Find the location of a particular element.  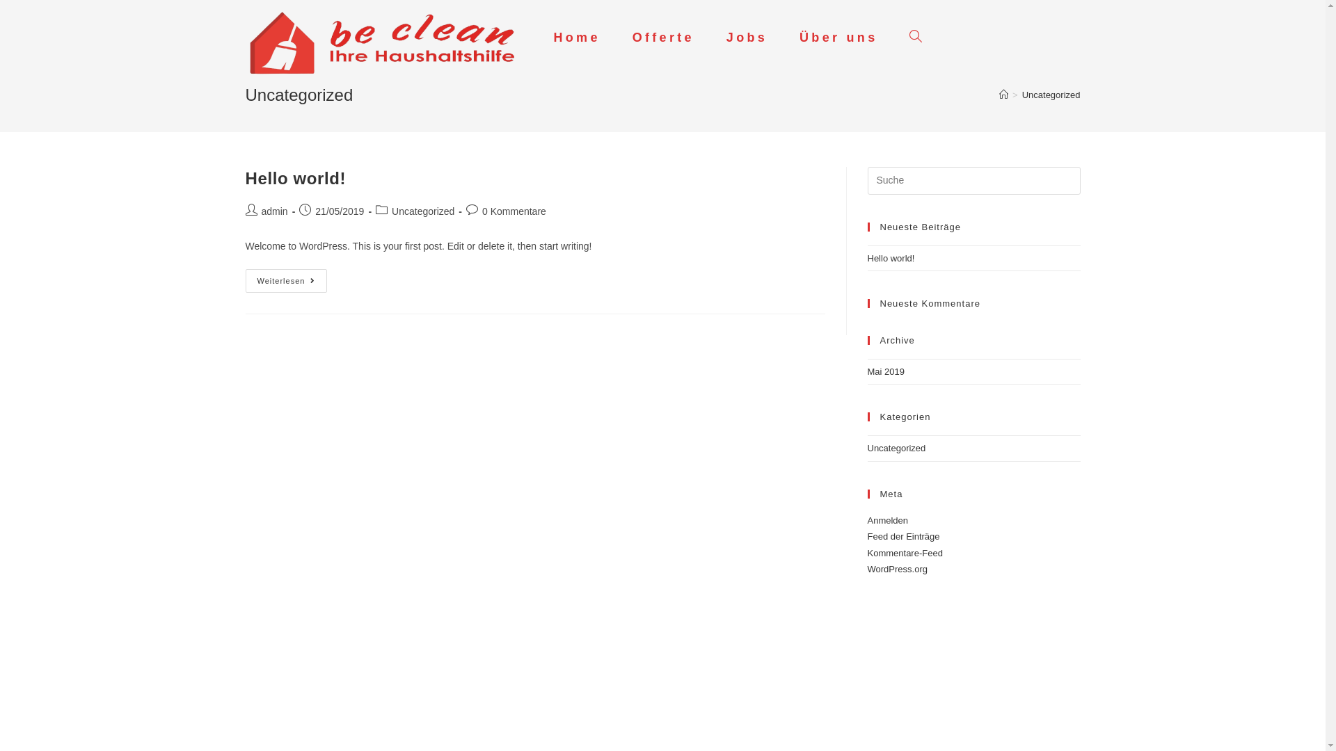

'admin' is located at coordinates (261, 211).